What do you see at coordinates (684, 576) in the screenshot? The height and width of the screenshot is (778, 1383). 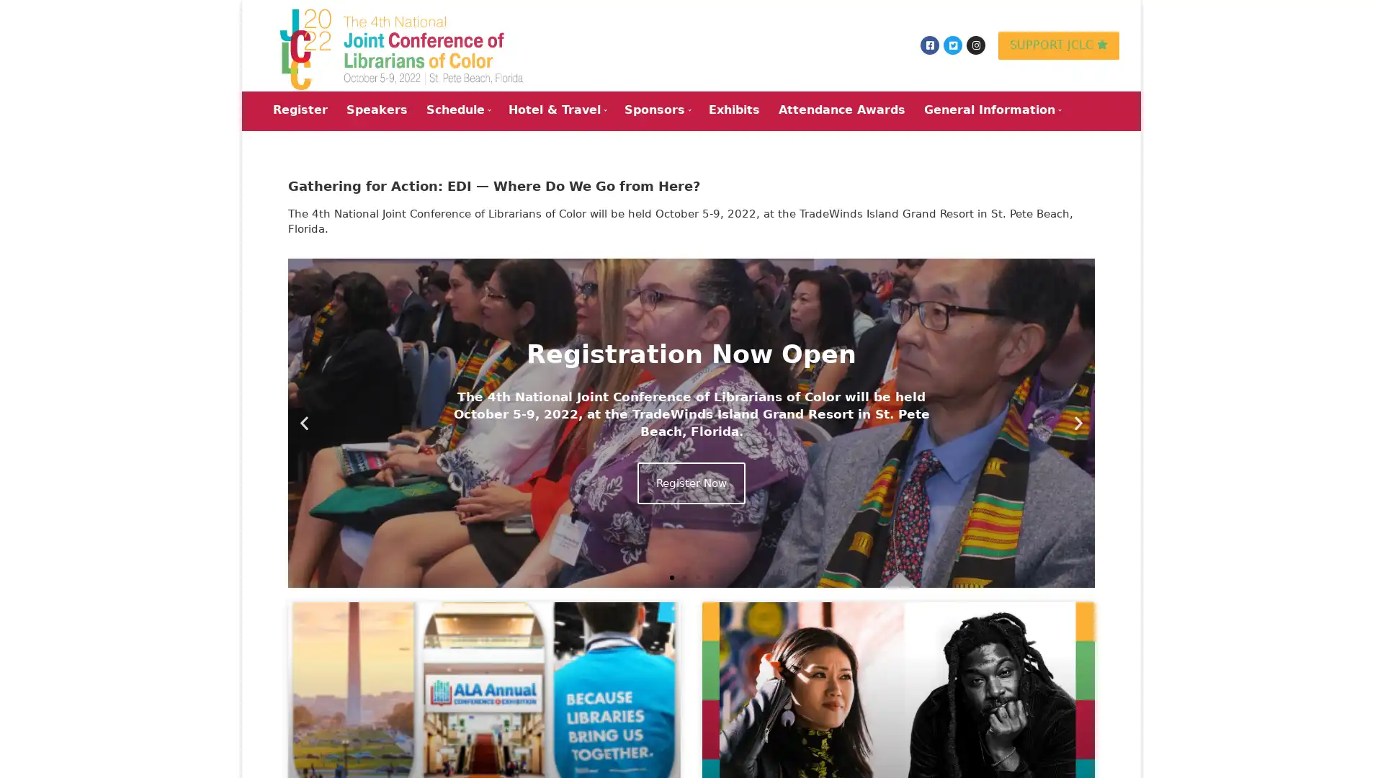 I see `Go to slide 2` at bounding box center [684, 576].